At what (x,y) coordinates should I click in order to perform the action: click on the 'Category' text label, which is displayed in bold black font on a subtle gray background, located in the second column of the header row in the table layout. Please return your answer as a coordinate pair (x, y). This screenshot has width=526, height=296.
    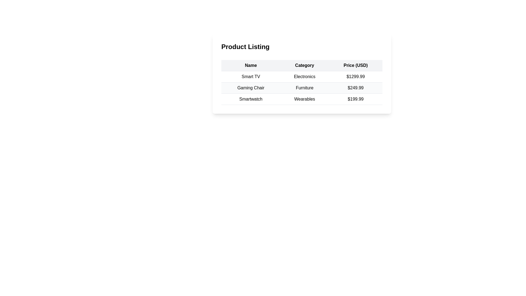
    Looking at the image, I should click on (304, 65).